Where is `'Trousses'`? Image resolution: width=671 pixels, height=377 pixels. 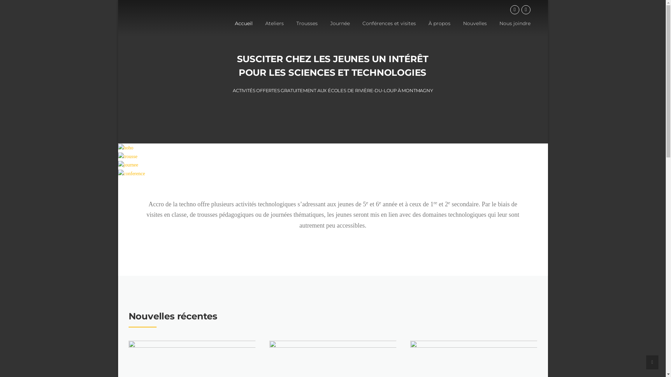 'Trousses' is located at coordinates (307, 29).